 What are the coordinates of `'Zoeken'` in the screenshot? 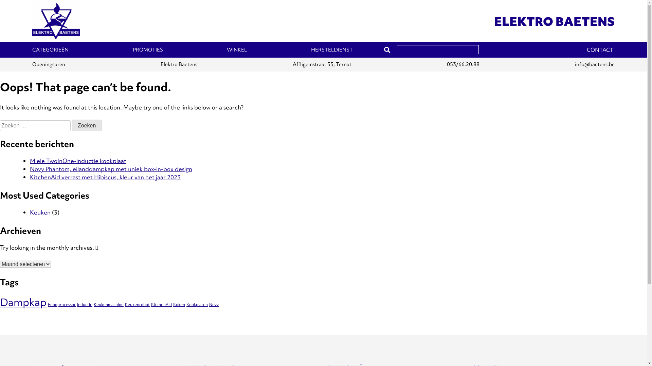 It's located at (86, 125).